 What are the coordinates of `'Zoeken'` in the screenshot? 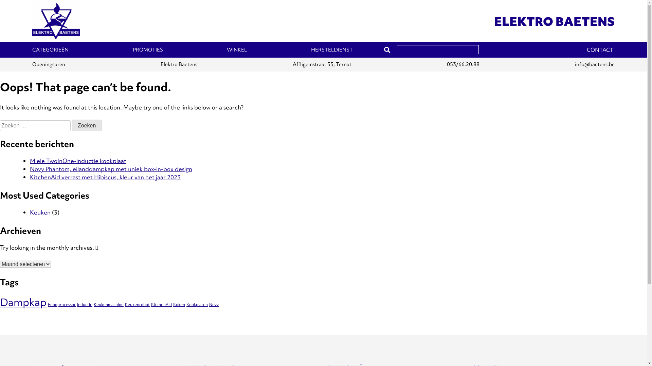 It's located at (86, 125).